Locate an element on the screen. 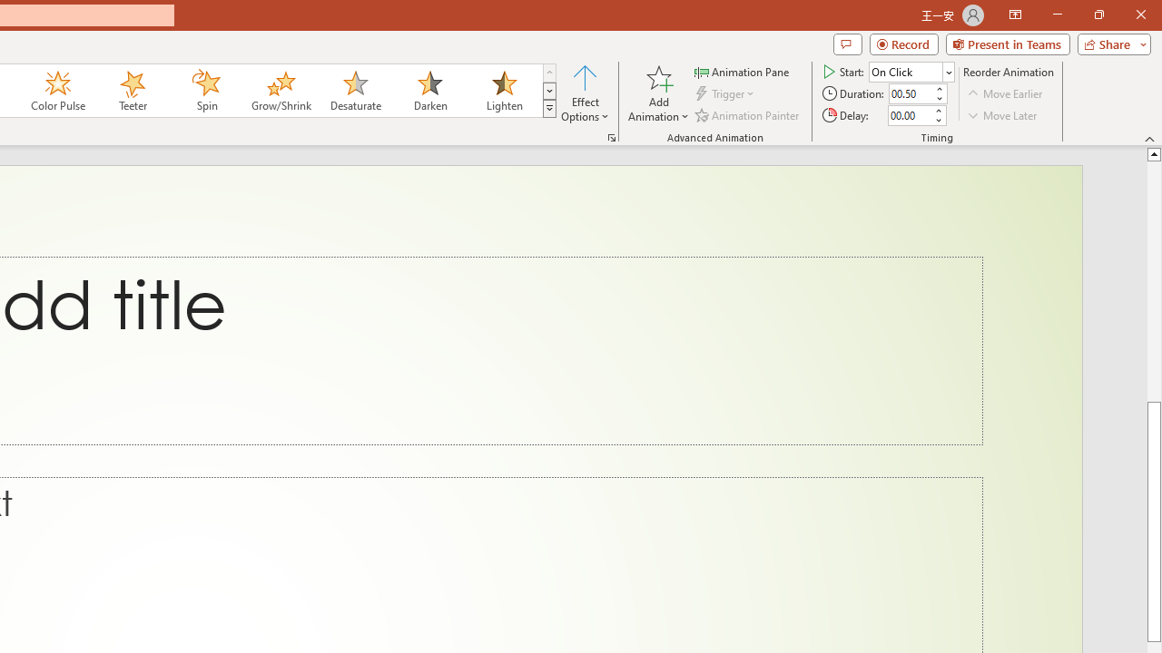 This screenshot has width=1162, height=653. 'Grow/Shrink' is located at coordinates (280, 91).